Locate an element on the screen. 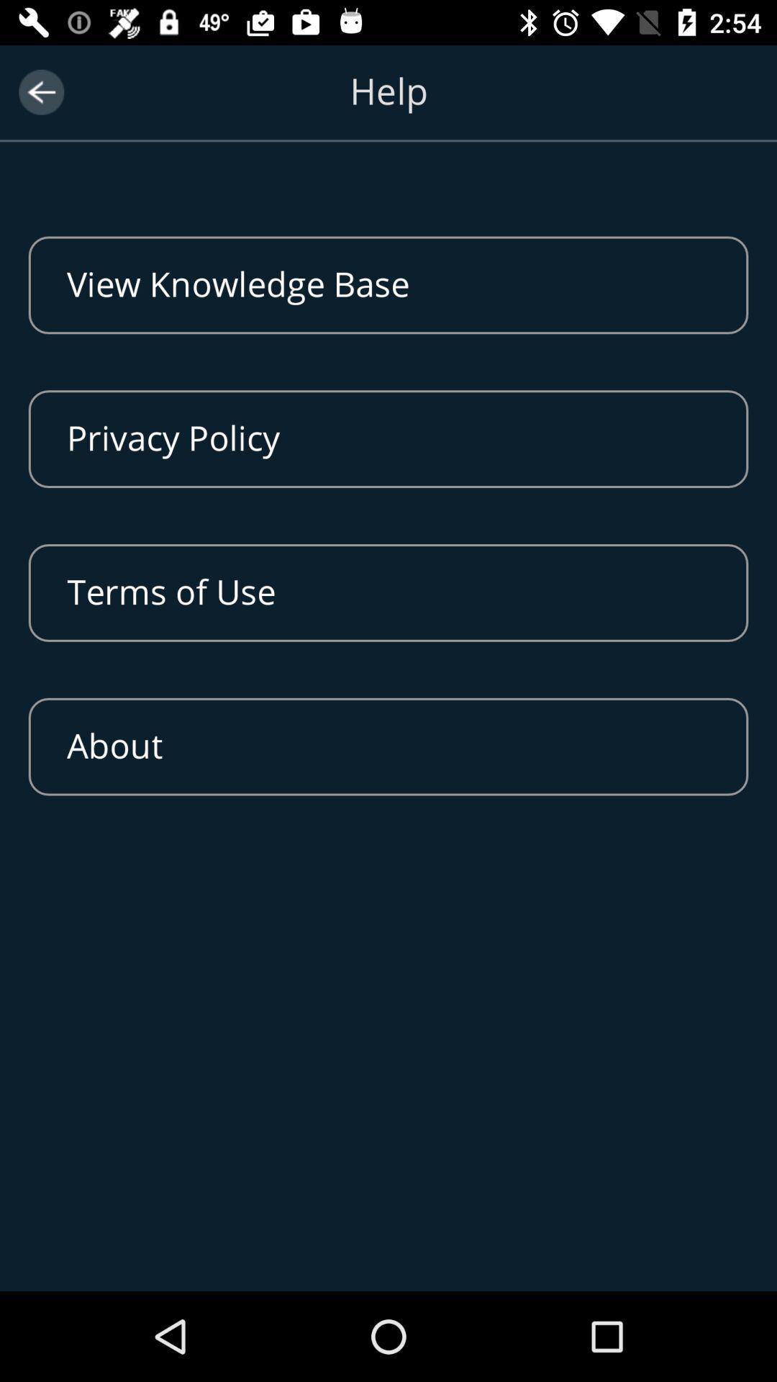 The width and height of the screenshot is (777, 1382). the button on the top left corner of the web page is located at coordinates (40, 91).